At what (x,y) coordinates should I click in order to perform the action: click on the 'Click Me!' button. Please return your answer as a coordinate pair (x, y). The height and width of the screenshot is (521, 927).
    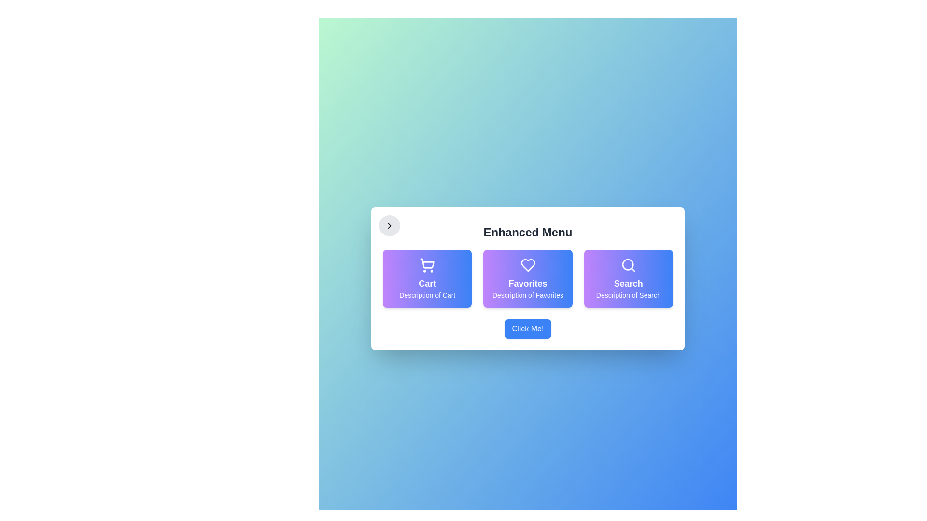
    Looking at the image, I should click on (527, 329).